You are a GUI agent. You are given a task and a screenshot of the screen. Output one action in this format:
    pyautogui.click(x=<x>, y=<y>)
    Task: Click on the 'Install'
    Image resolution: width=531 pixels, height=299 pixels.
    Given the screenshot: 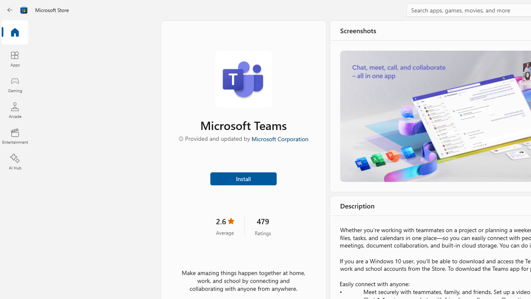 What is the action you would take?
    pyautogui.click(x=243, y=178)
    